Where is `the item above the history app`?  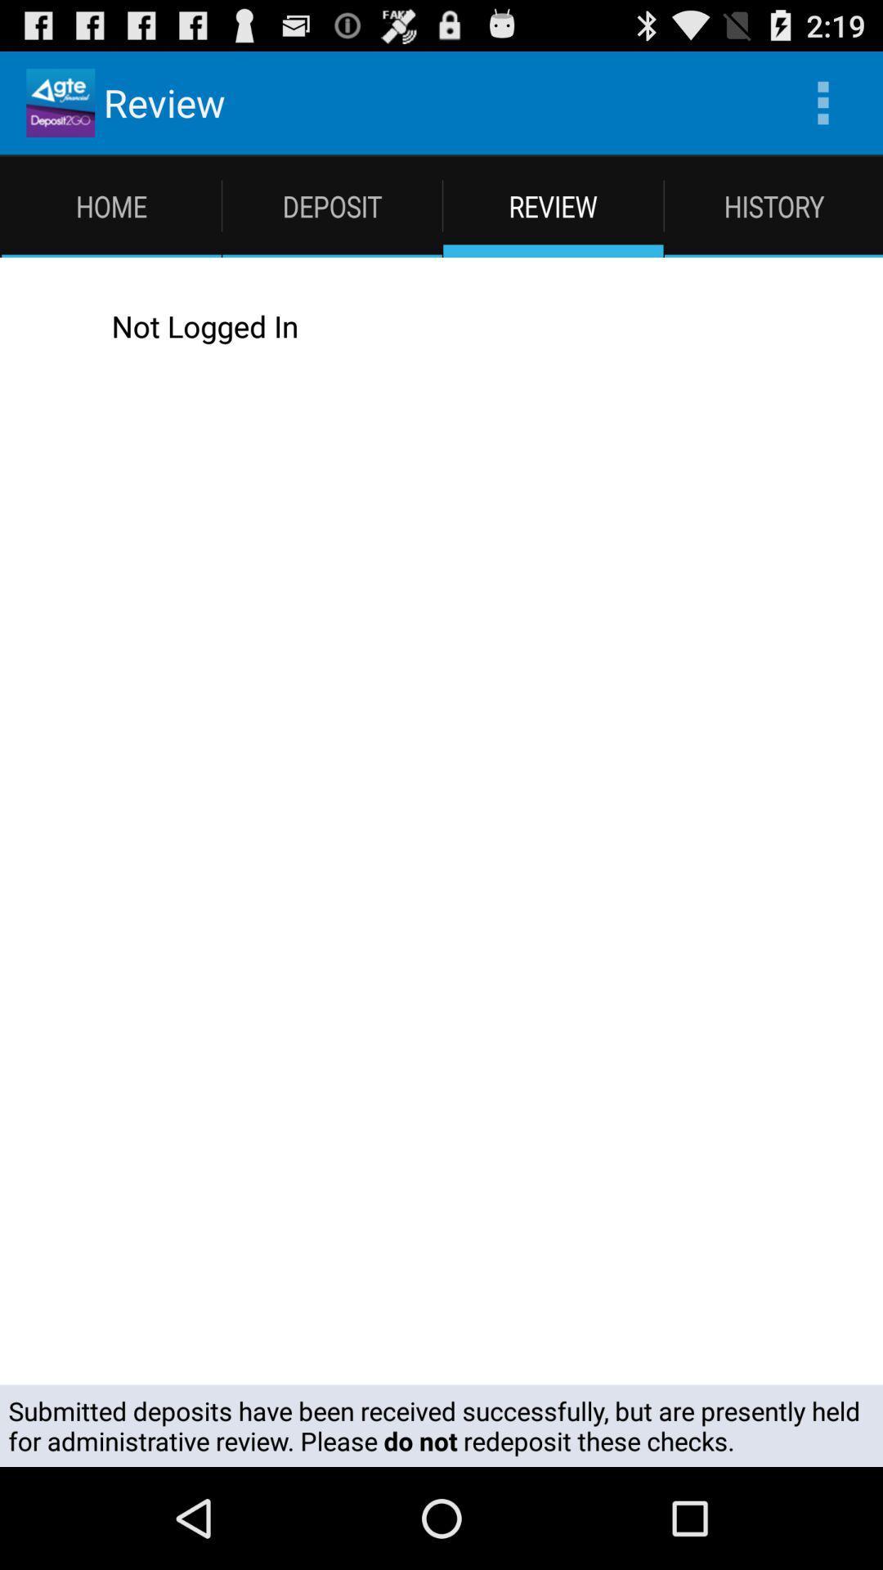
the item above the history app is located at coordinates (822, 101).